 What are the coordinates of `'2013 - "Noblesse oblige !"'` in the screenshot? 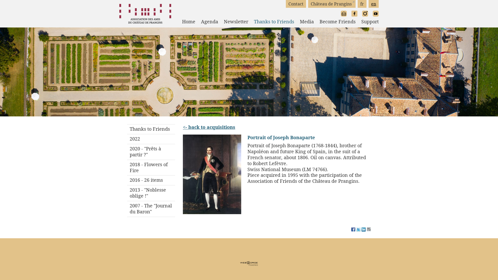 It's located at (151, 193).